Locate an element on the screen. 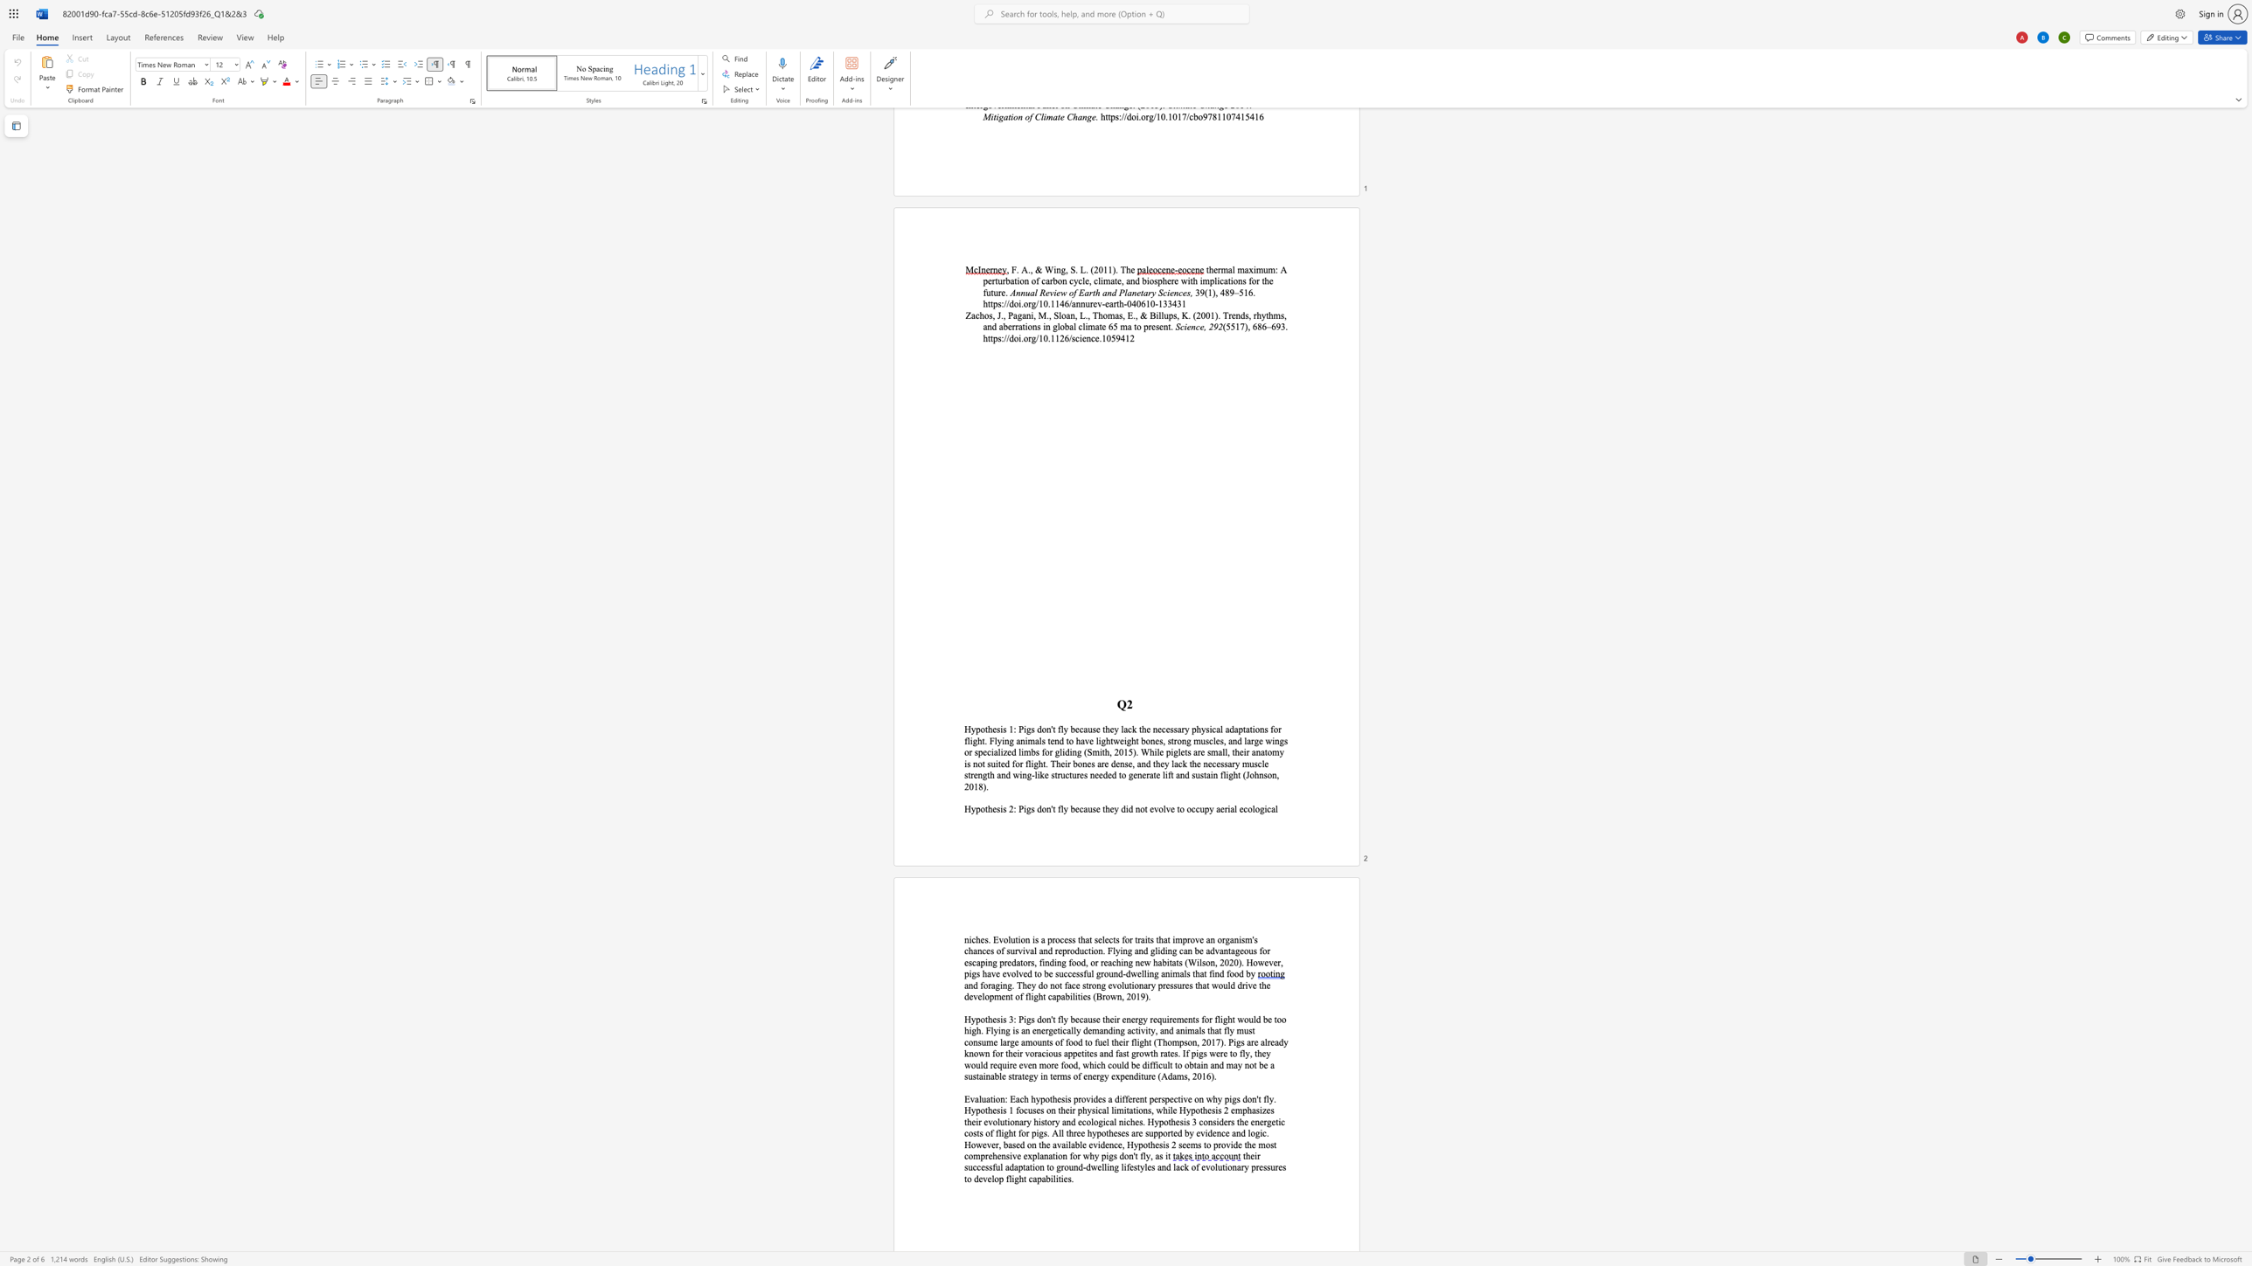  the space between the continuous character "m" and "e" in the text is located at coordinates (1182, 1019).